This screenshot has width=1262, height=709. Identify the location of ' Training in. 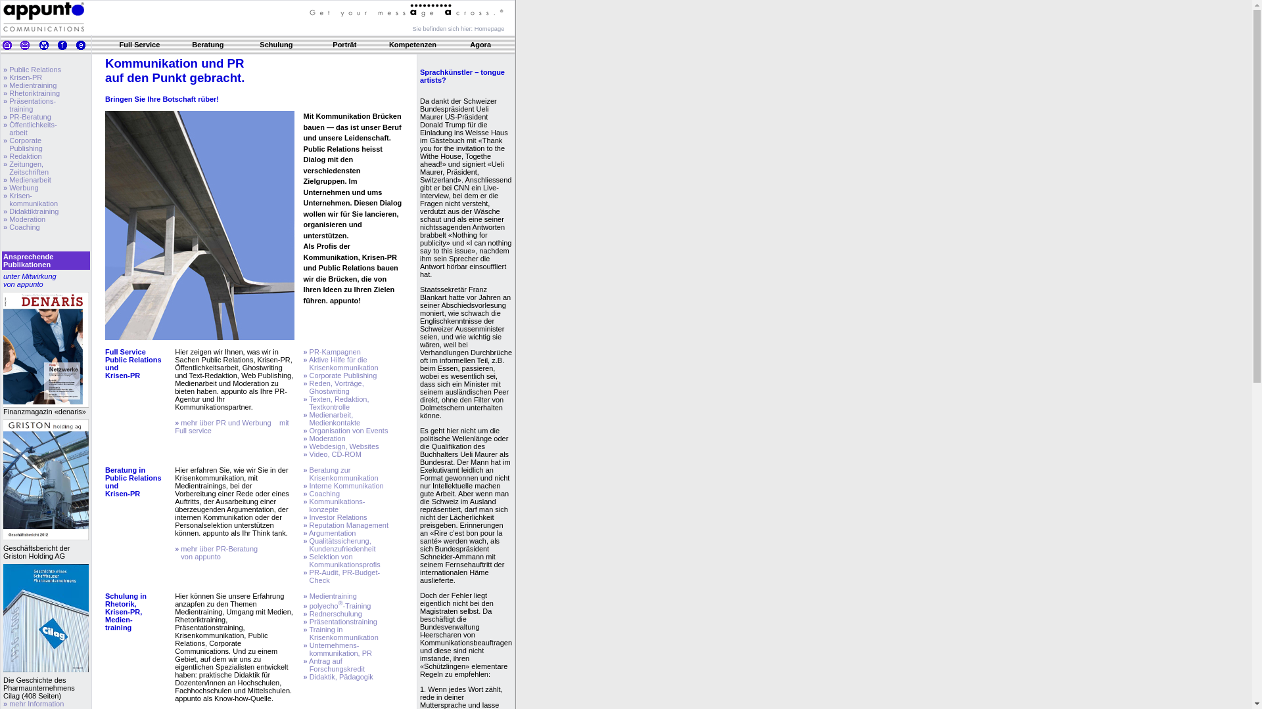
(340, 632).